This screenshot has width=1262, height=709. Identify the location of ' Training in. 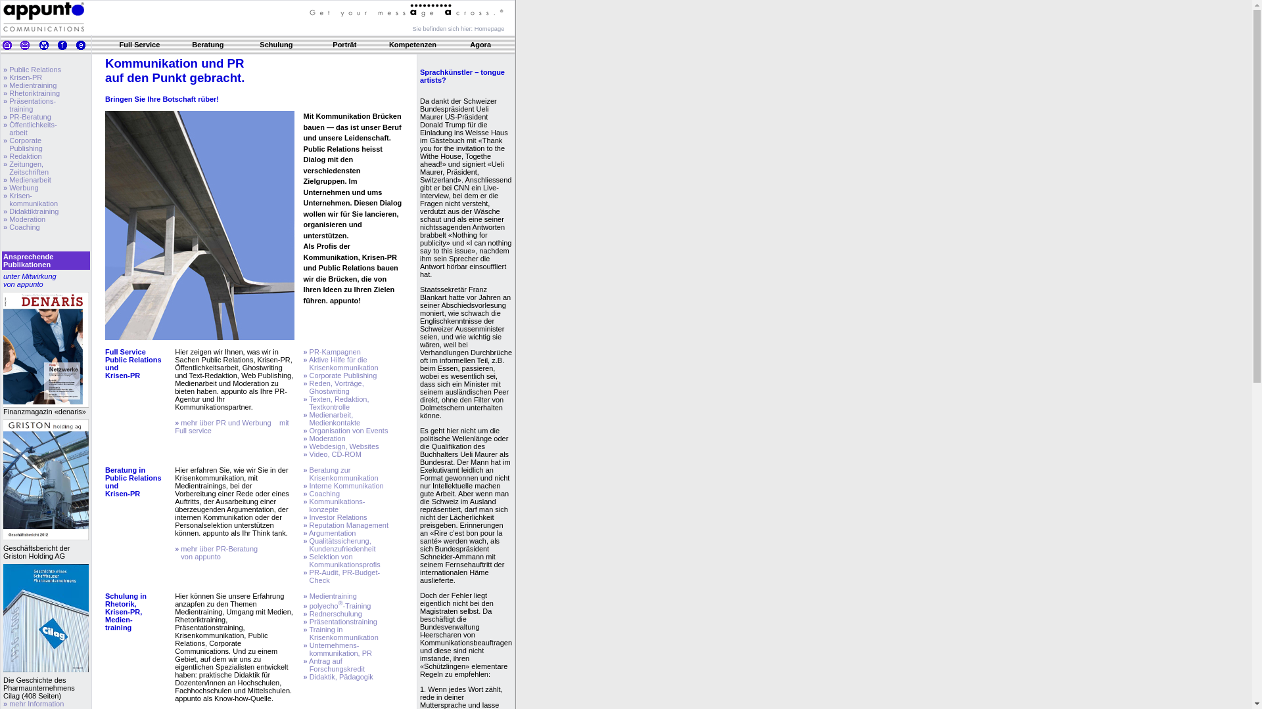
(340, 632).